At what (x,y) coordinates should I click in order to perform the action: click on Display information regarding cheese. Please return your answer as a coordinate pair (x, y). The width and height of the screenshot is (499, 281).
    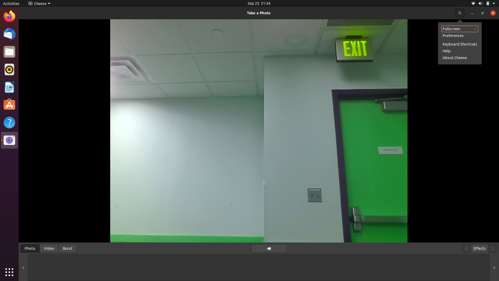
    Looking at the image, I should click on (491, 12).